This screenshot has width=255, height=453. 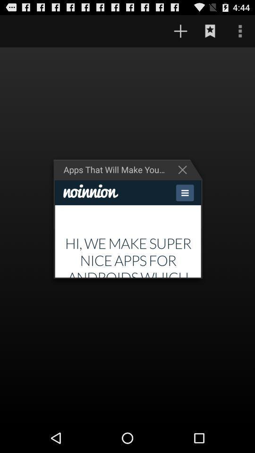 I want to click on the bookmark icon, so click(x=210, y=33).